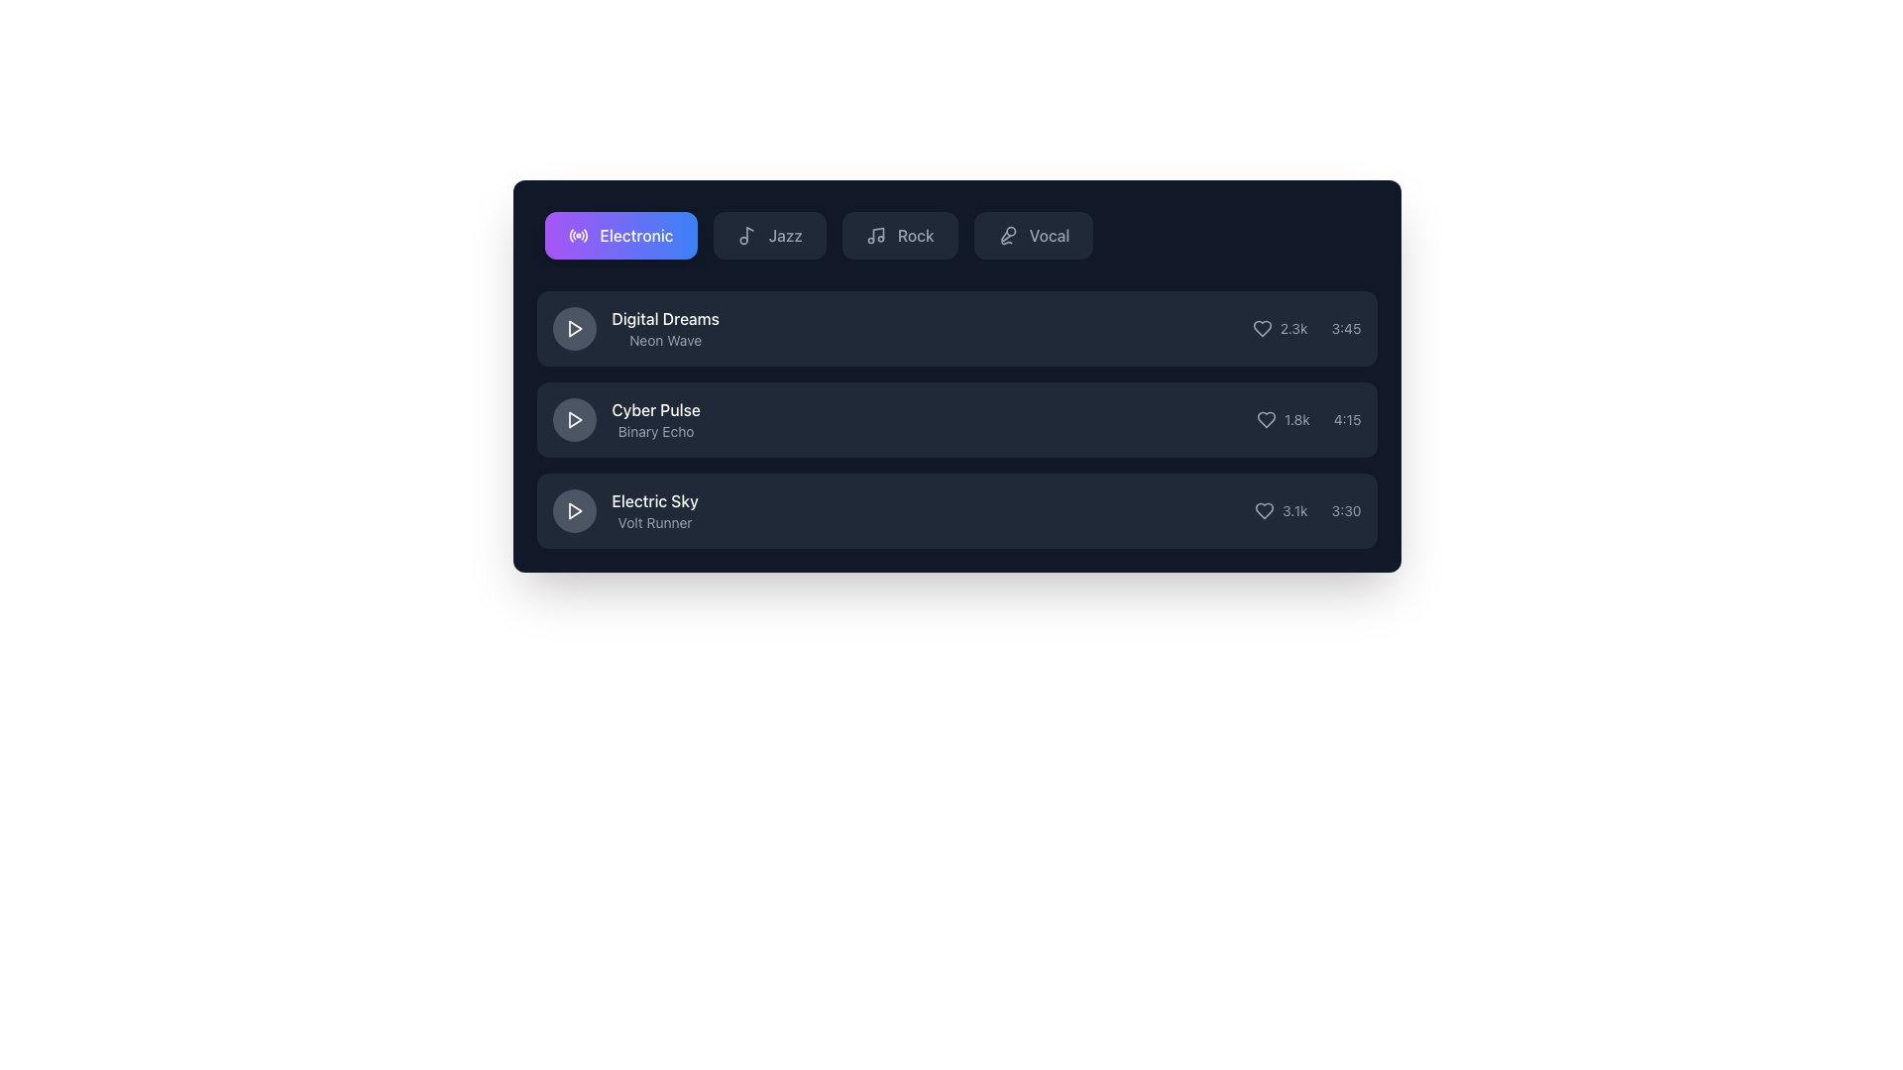  Describe the element at coordinates (1261, 327) in the screenshot. I see `the heart-shaped icon button located to the left of the numeric display '2.3k' in the 'Digital Dreams' row for keyboard interaction` at that location.